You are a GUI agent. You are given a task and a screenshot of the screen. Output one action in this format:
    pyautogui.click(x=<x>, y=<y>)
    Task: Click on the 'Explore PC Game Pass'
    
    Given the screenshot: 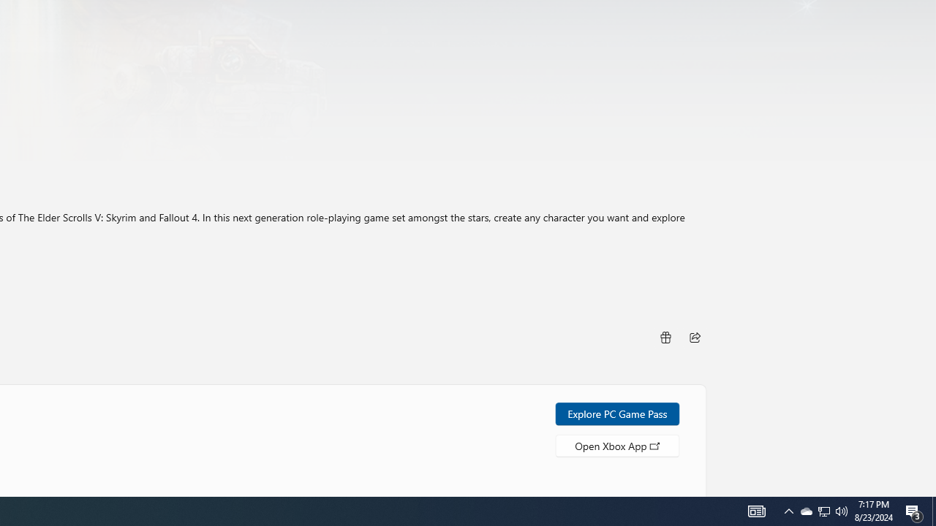 What is the action you would take?
    pyautogui.click(x=617, y=413)
    